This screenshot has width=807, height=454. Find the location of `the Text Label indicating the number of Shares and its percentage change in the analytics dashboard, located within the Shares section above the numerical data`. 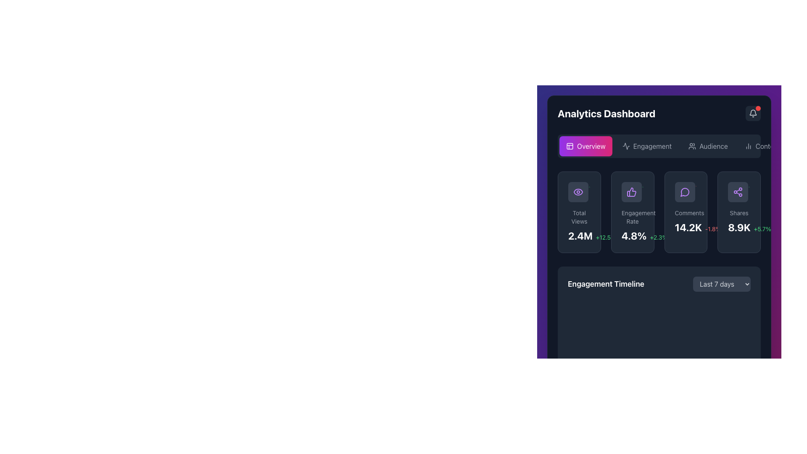

the Text Label indicating the number of Shares and its percentage change in the analytics dashboard, located within the Shares section above the numerical data is located at coordinates (738, 212).